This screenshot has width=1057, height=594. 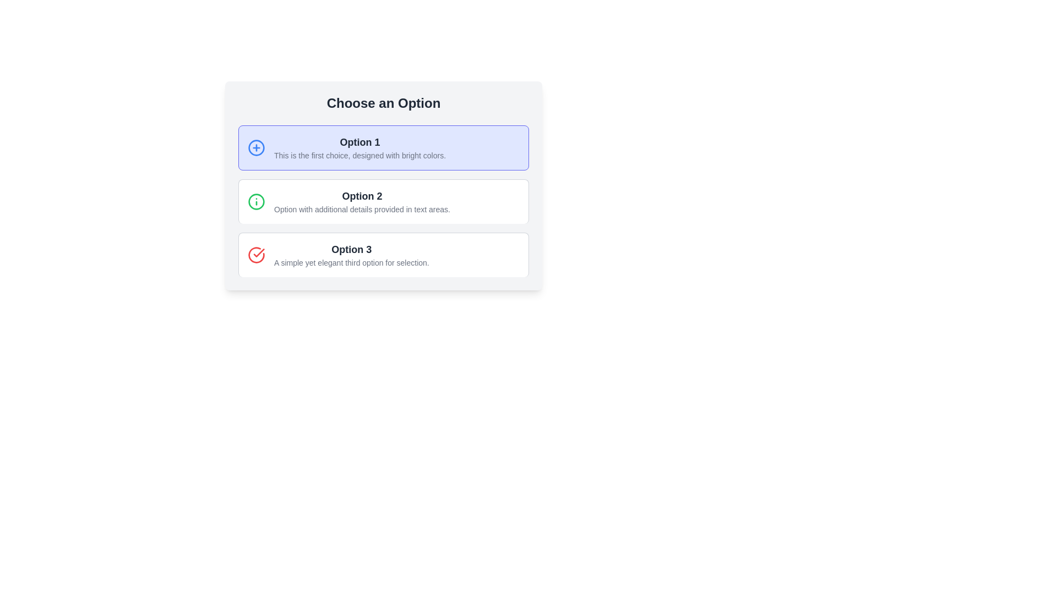 I want to click on the informational text component displaying the sentence 'This is the first choice, designed with bright colors.' which is located underneath the title 'Option 1', so click(x=359, y=155).